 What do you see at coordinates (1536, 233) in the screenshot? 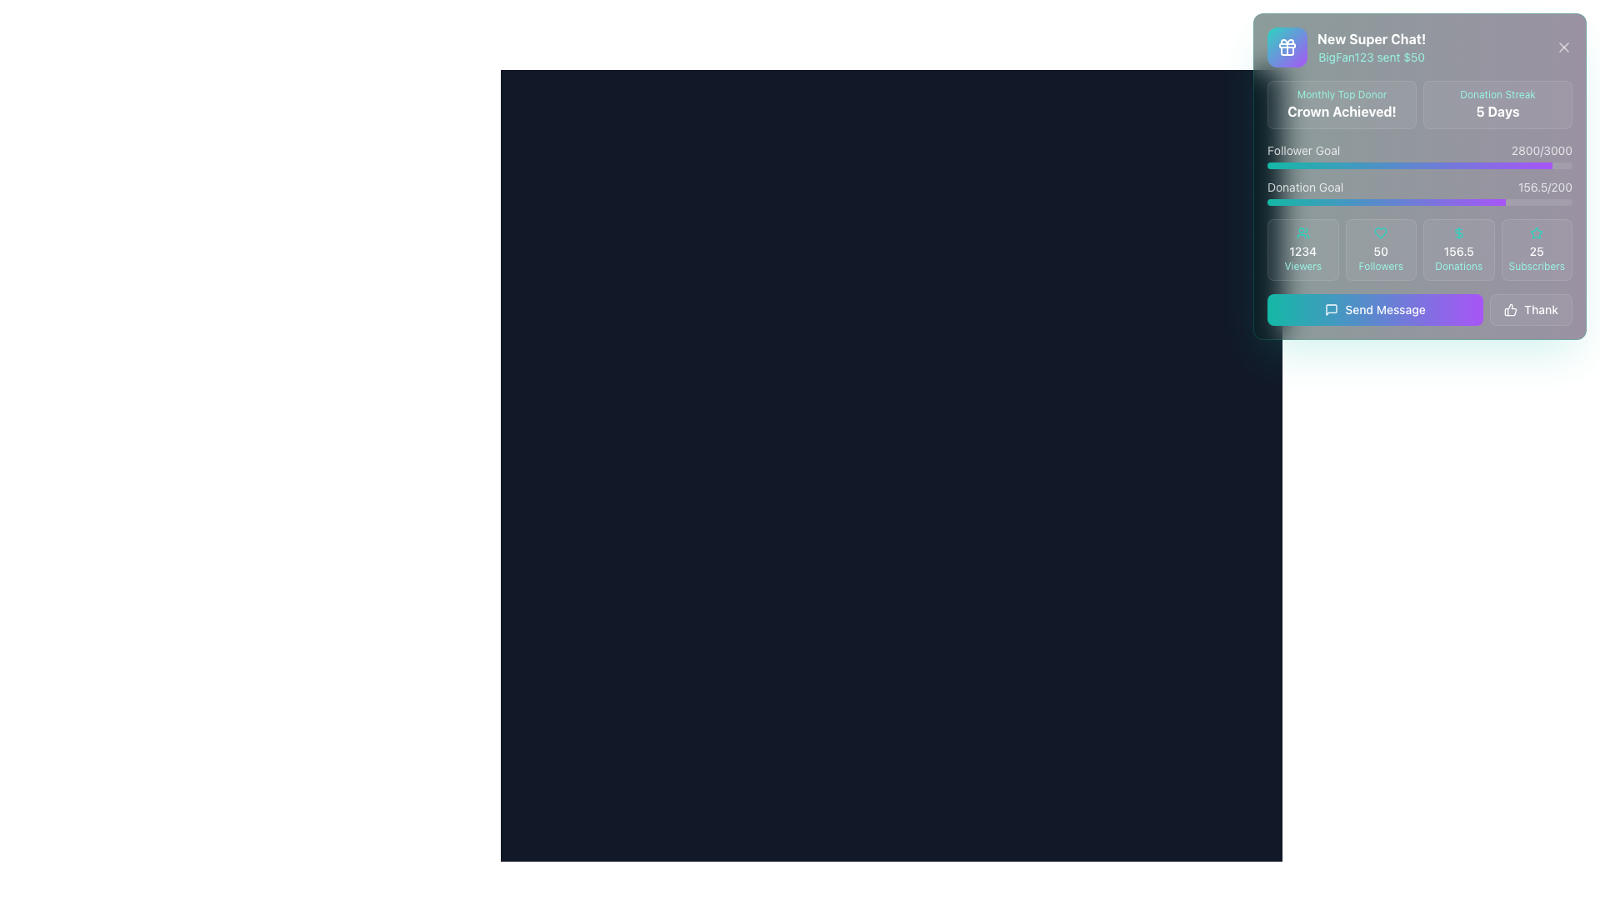
I see `the teal star-shaped icon located in the top-right corner of the interface, positioned above the number '25' and the label 'subscribers'` at bounding box center [1536, 233].